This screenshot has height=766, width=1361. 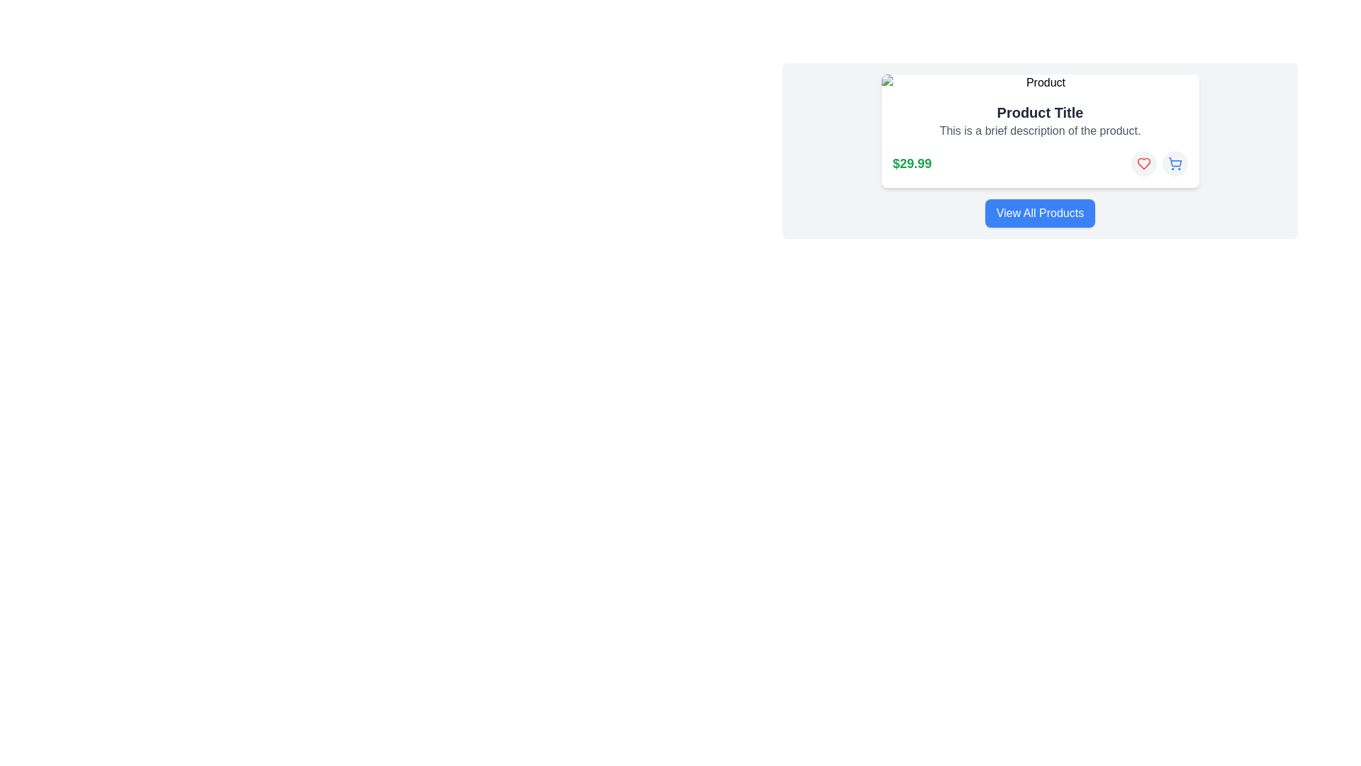 I want to click on the 'like' or 'add to favorites' icon button located in the right section of the product card, adjacent to the cart icon, so click(x=1143, y=163).